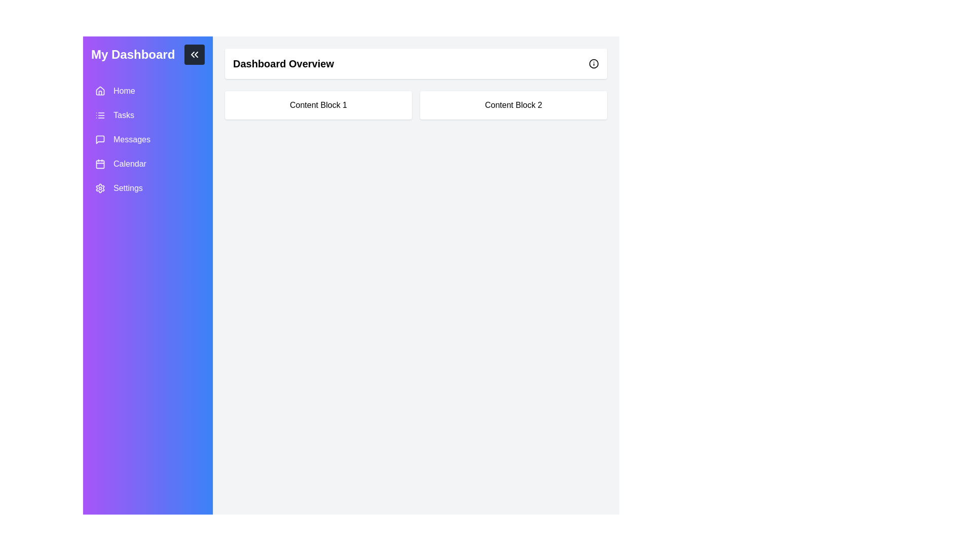 The image size is (973, 547). Describe the element at coordinates (127, 188) in the screenshot. I see `the 'Settings' text label in the vertical navigation menu` at that location.